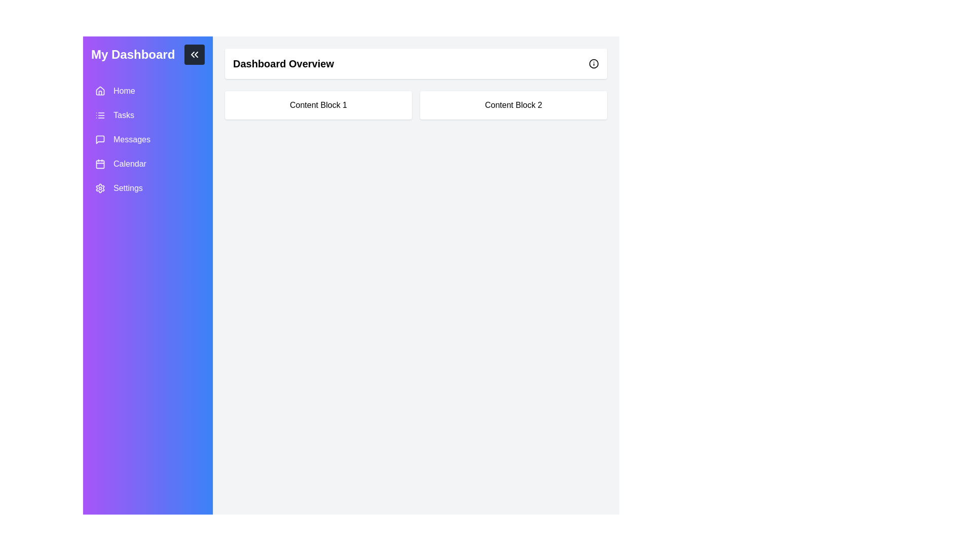 The image size is (973, 547). Describe the element at coordinates (127, 188) in the screenshot. I see `the 'Settings' text label in the vertical navigation menu` at that location.